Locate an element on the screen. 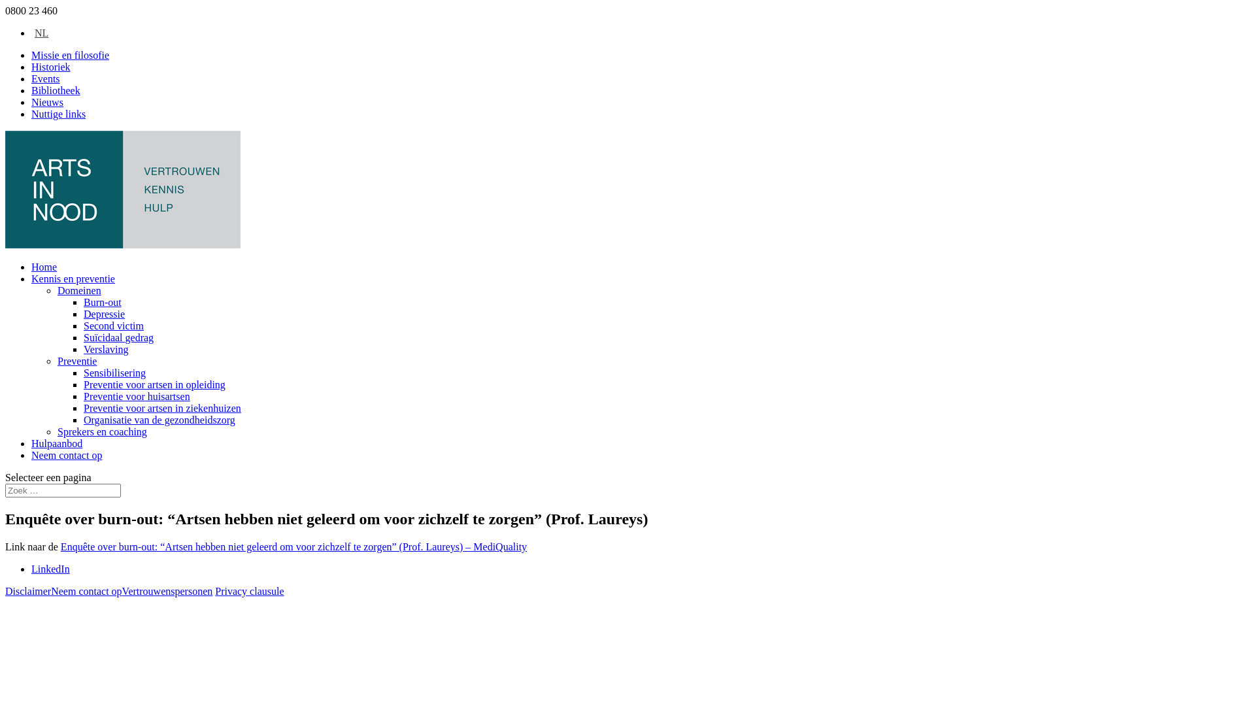 Image resolution: width=1255 pixels, height=706 pixels. 'Disclaimer' is located at coordinates (28, 591).